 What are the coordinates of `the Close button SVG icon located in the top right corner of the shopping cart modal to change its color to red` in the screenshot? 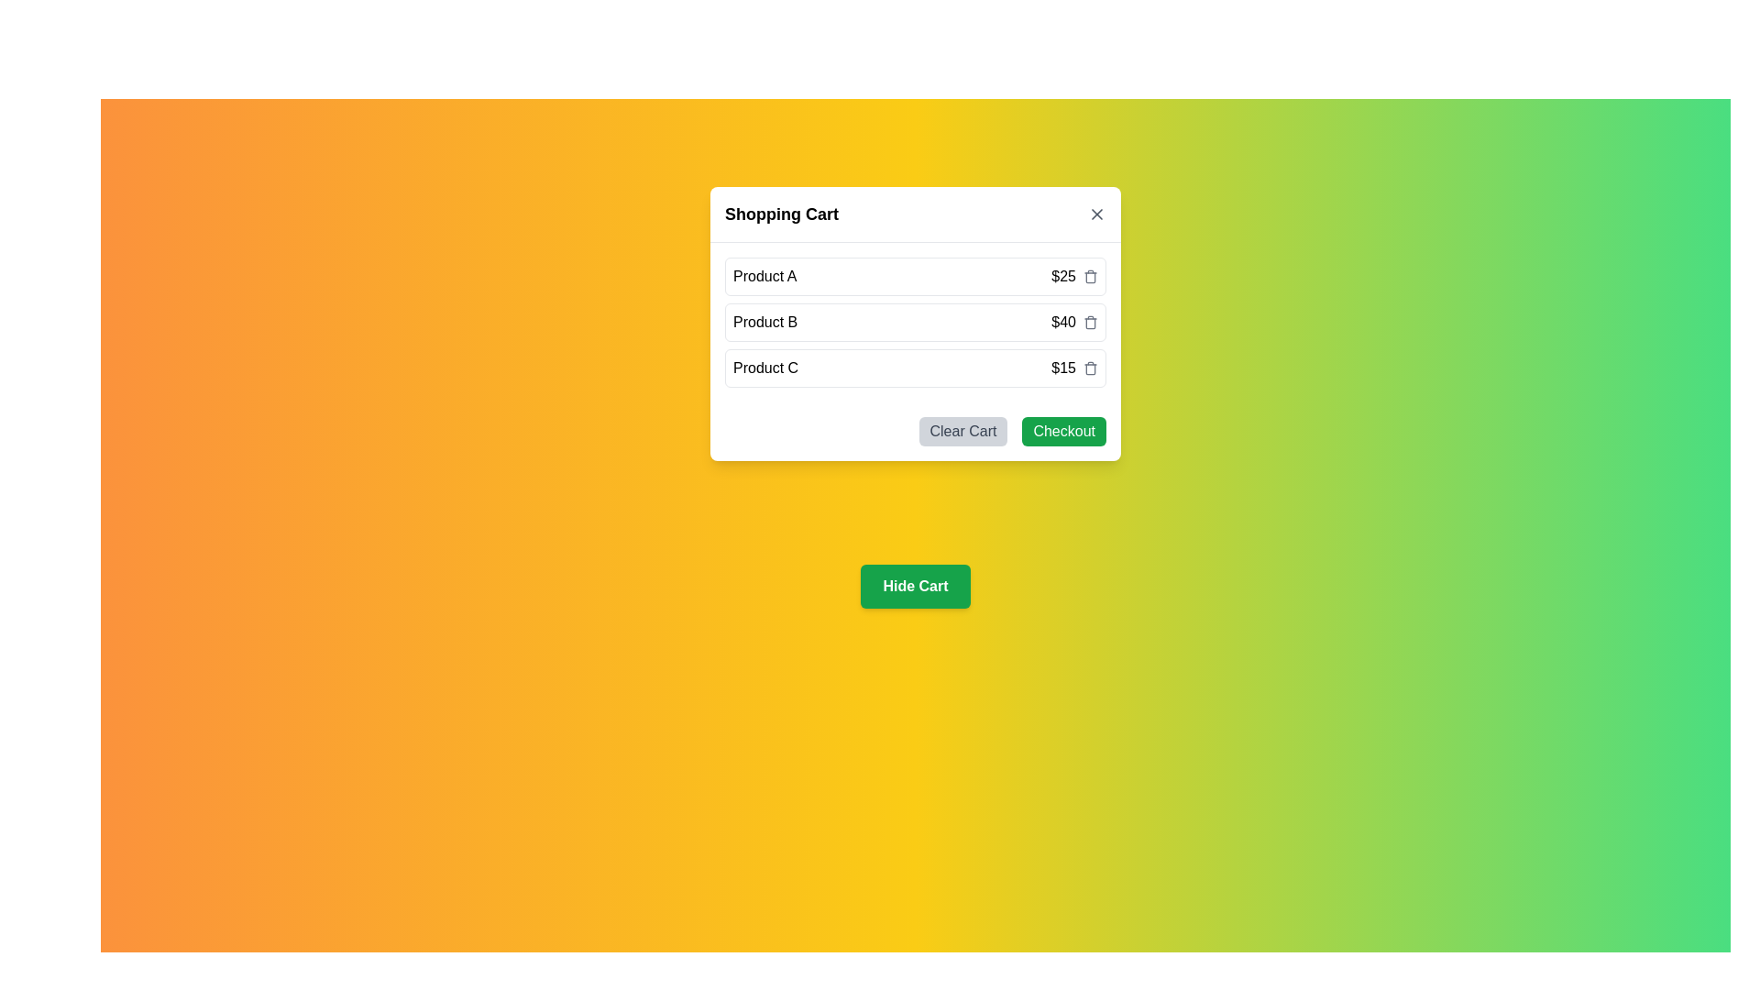 It's located at (1096, 214).